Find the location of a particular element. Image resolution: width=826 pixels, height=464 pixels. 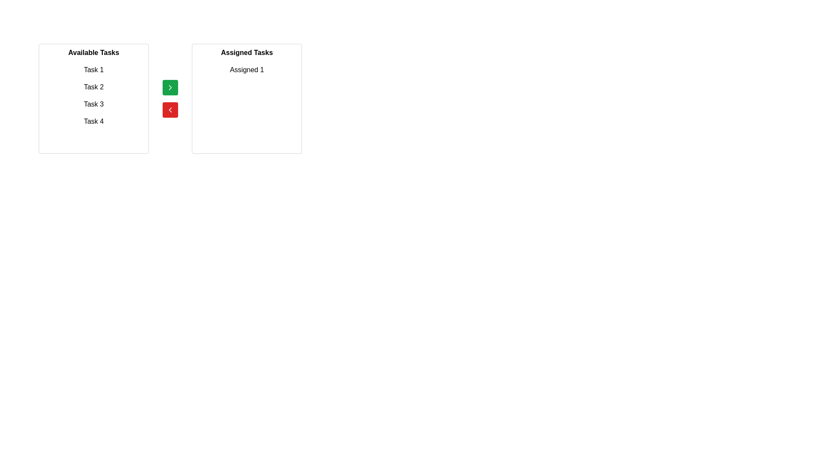

the Scrollable List containing items labeled 'Task 1' to 'Task 4' within the 'Available Tasks' box is located at coordinates (93, 105).